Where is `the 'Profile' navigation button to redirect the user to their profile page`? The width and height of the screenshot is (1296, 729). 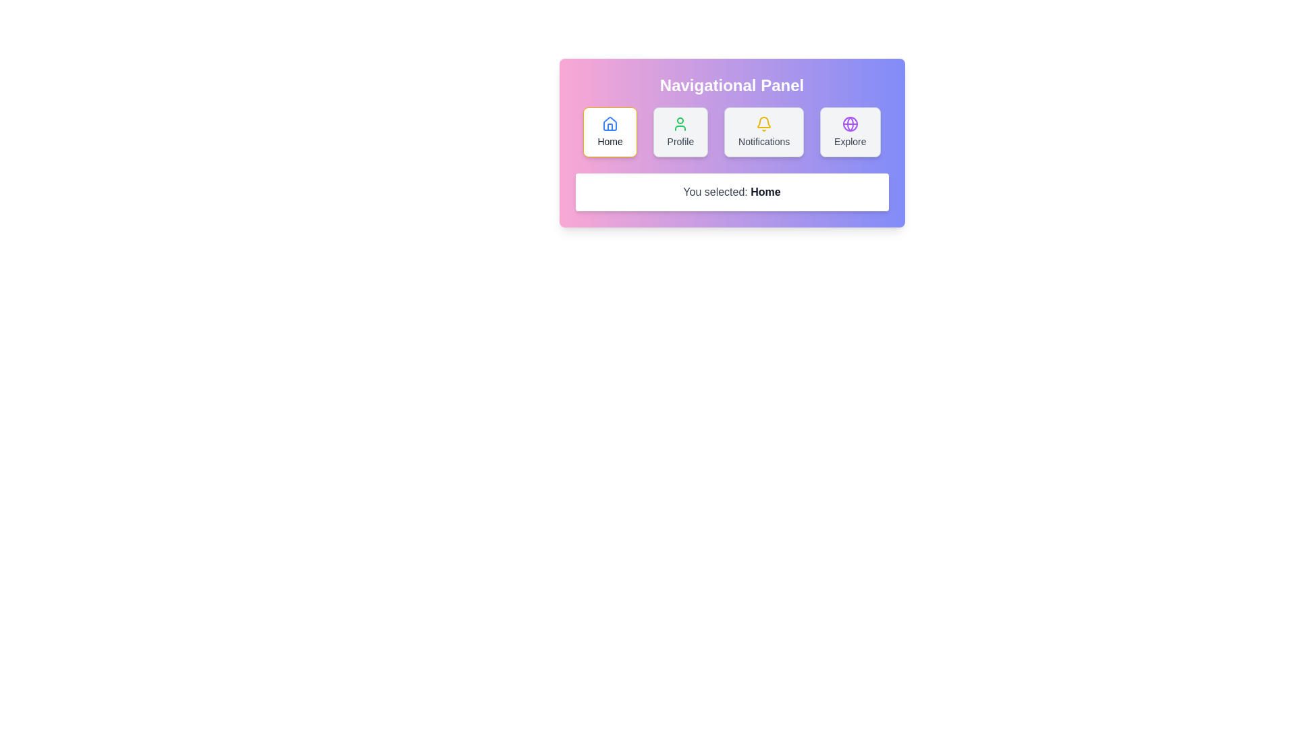
the 'Profile' navigation button to redirect the user to their profile page is located at coordinates (680, 132).